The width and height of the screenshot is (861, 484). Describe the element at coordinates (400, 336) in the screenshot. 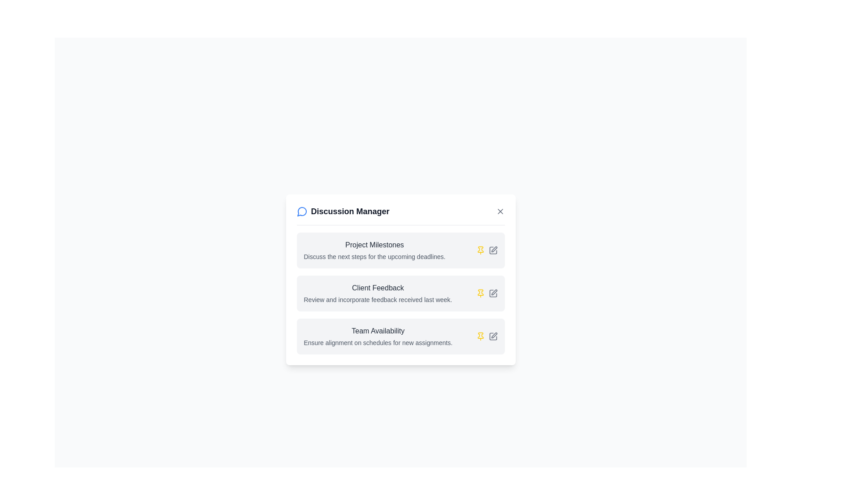

I see `the third card in the 'Discussion Manager' section that presents information about team availability` at that location.